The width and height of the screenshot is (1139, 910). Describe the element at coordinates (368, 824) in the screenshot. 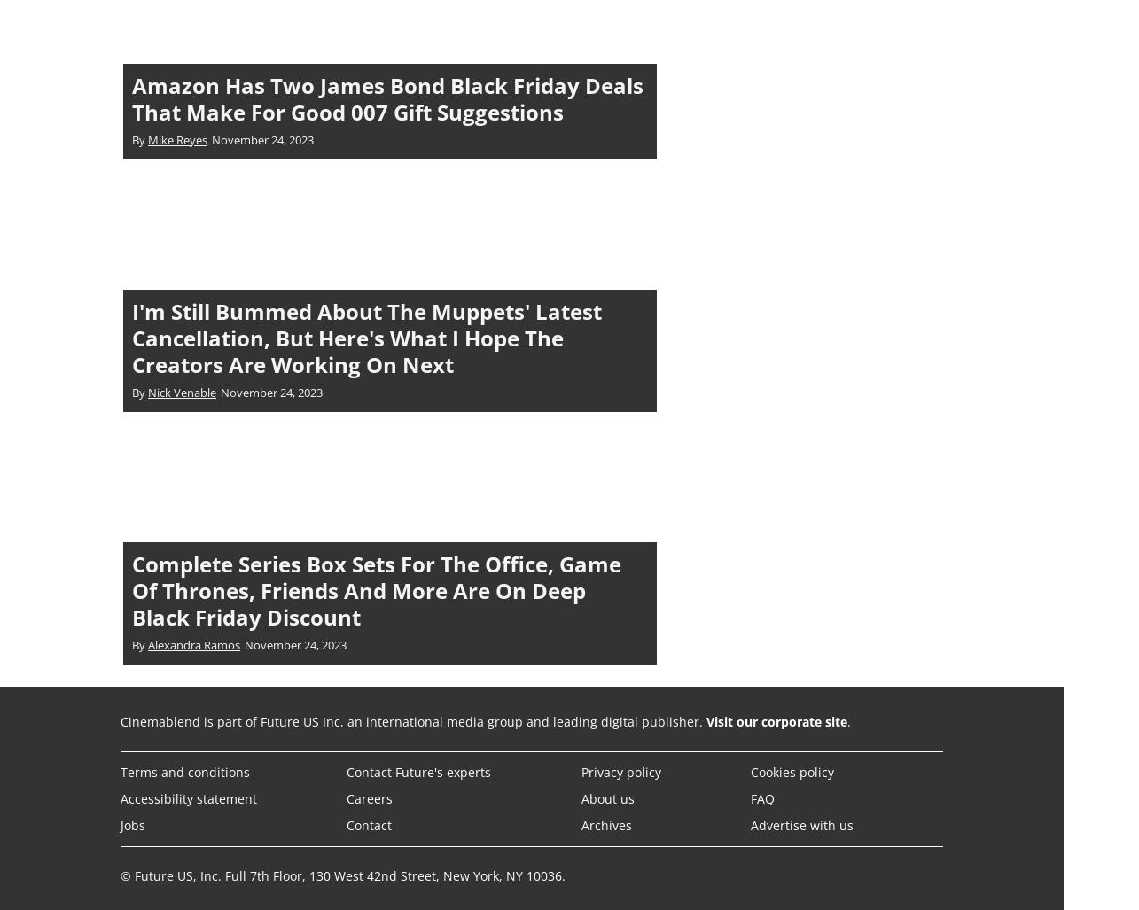

I see `'Contact'` at that location.